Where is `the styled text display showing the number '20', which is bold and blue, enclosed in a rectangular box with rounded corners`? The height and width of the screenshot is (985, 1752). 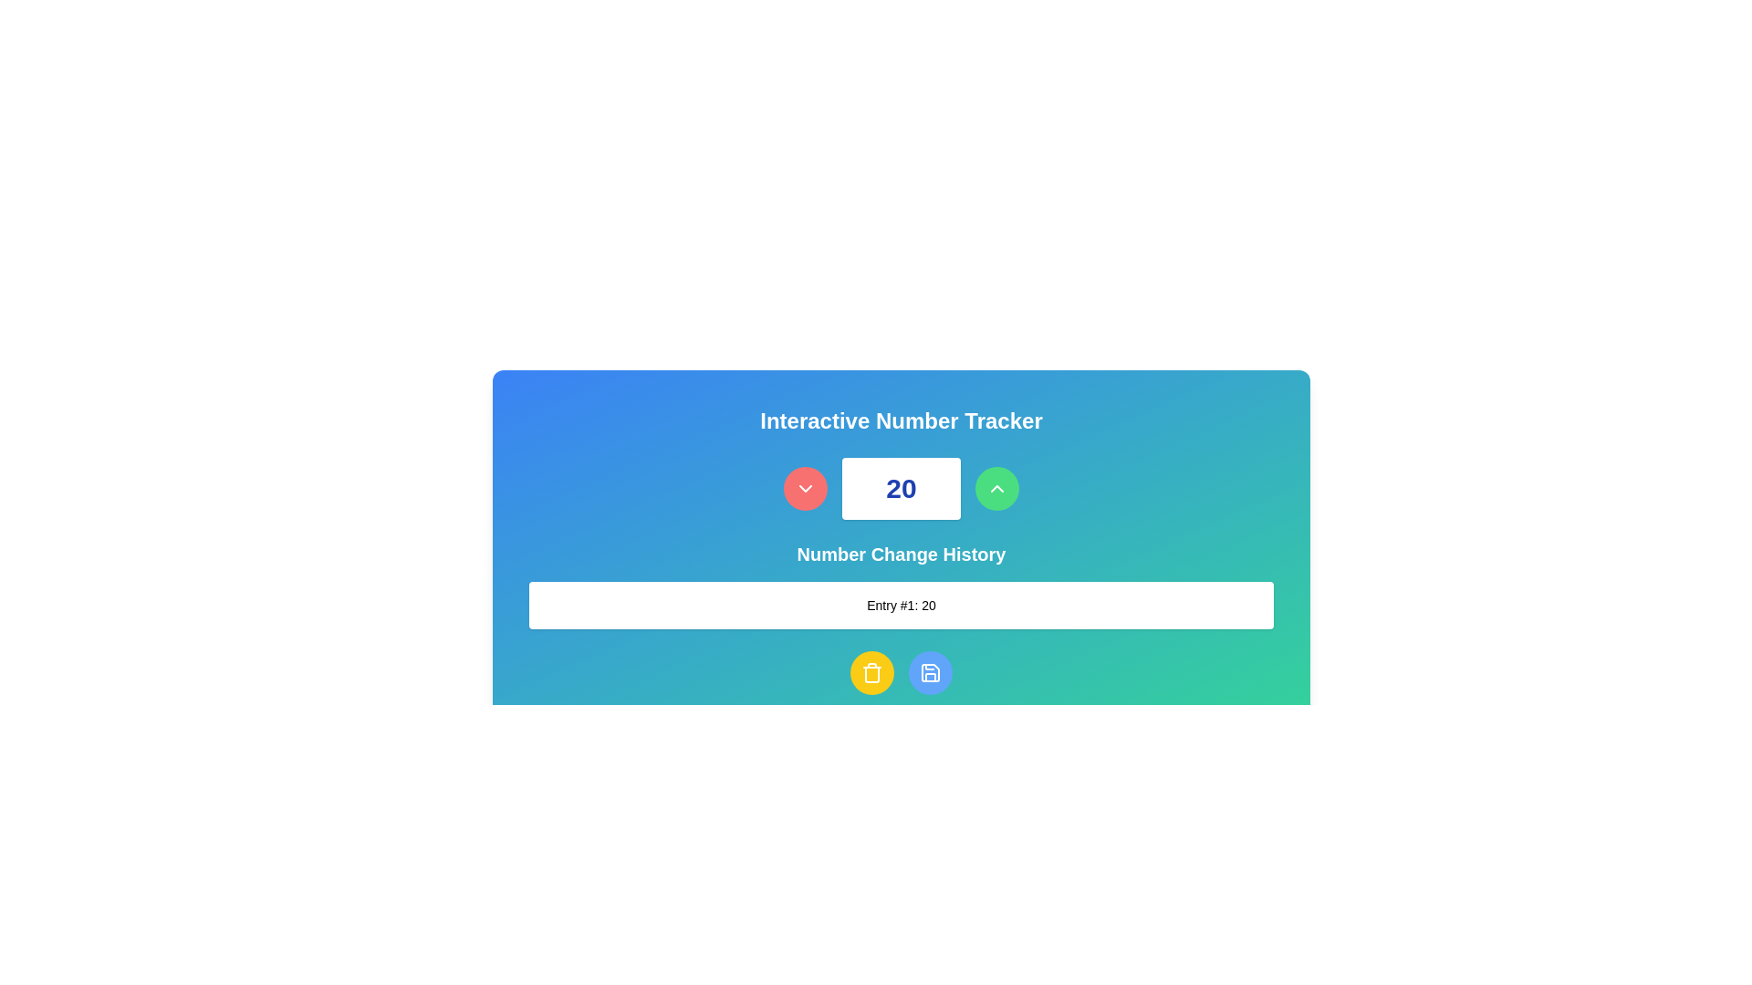
the styled text display showing the number '20', which is bold and blue, enclosed in a rectangular box with rounded corners is located at coordinates (902, 488).